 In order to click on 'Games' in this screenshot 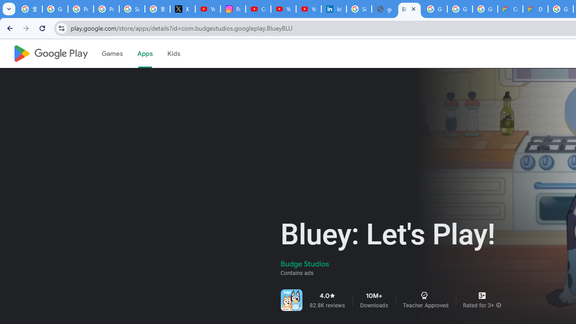, I will do `click(111, 54)`.